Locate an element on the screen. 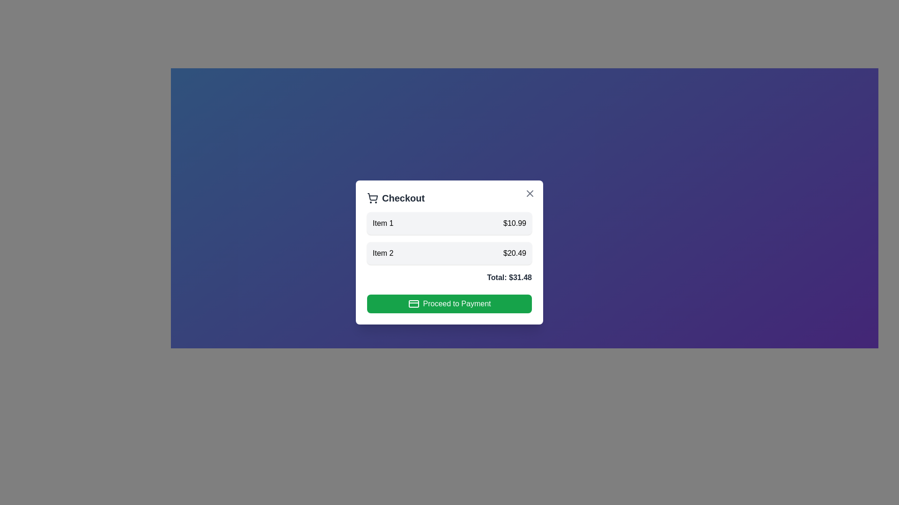 This screenshot has width=899, height=505. the text label displaying the price '$10.99', which is positioned to the right of 'Item 1' within a light gray background card in the 'Checkout' dialog box is located at coordinates (514, 224).